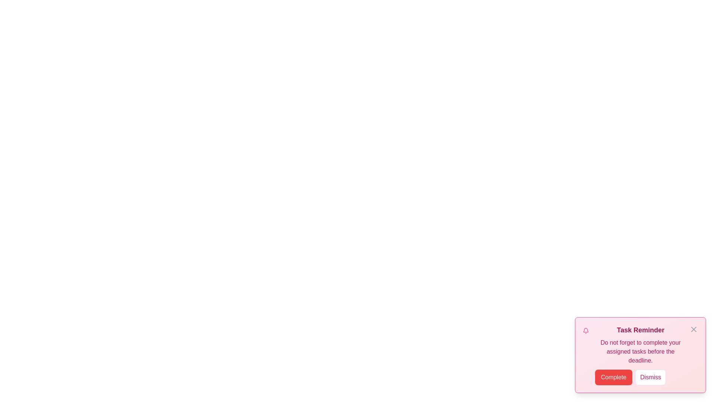 Image resolution: width=715 pixels, height=402 pixels. I want to click on the 'Close' icon button to dismiss the alert, so click(693, 329).